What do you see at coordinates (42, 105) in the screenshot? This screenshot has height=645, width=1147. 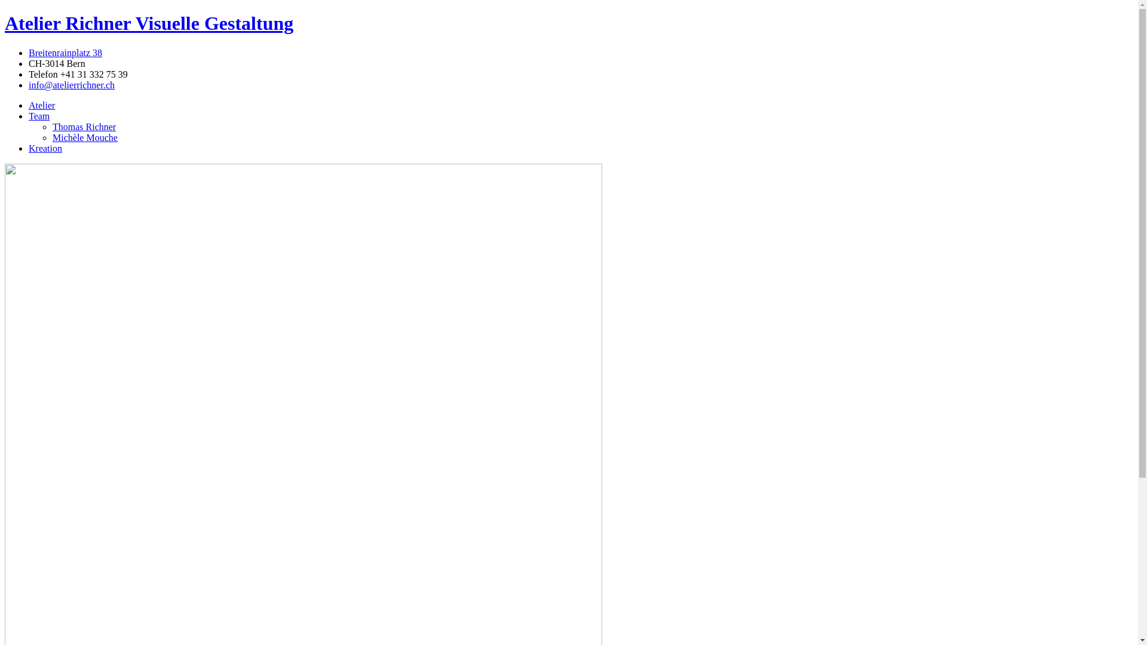 I see `'Atelier'` at bounding box center [42, 105].